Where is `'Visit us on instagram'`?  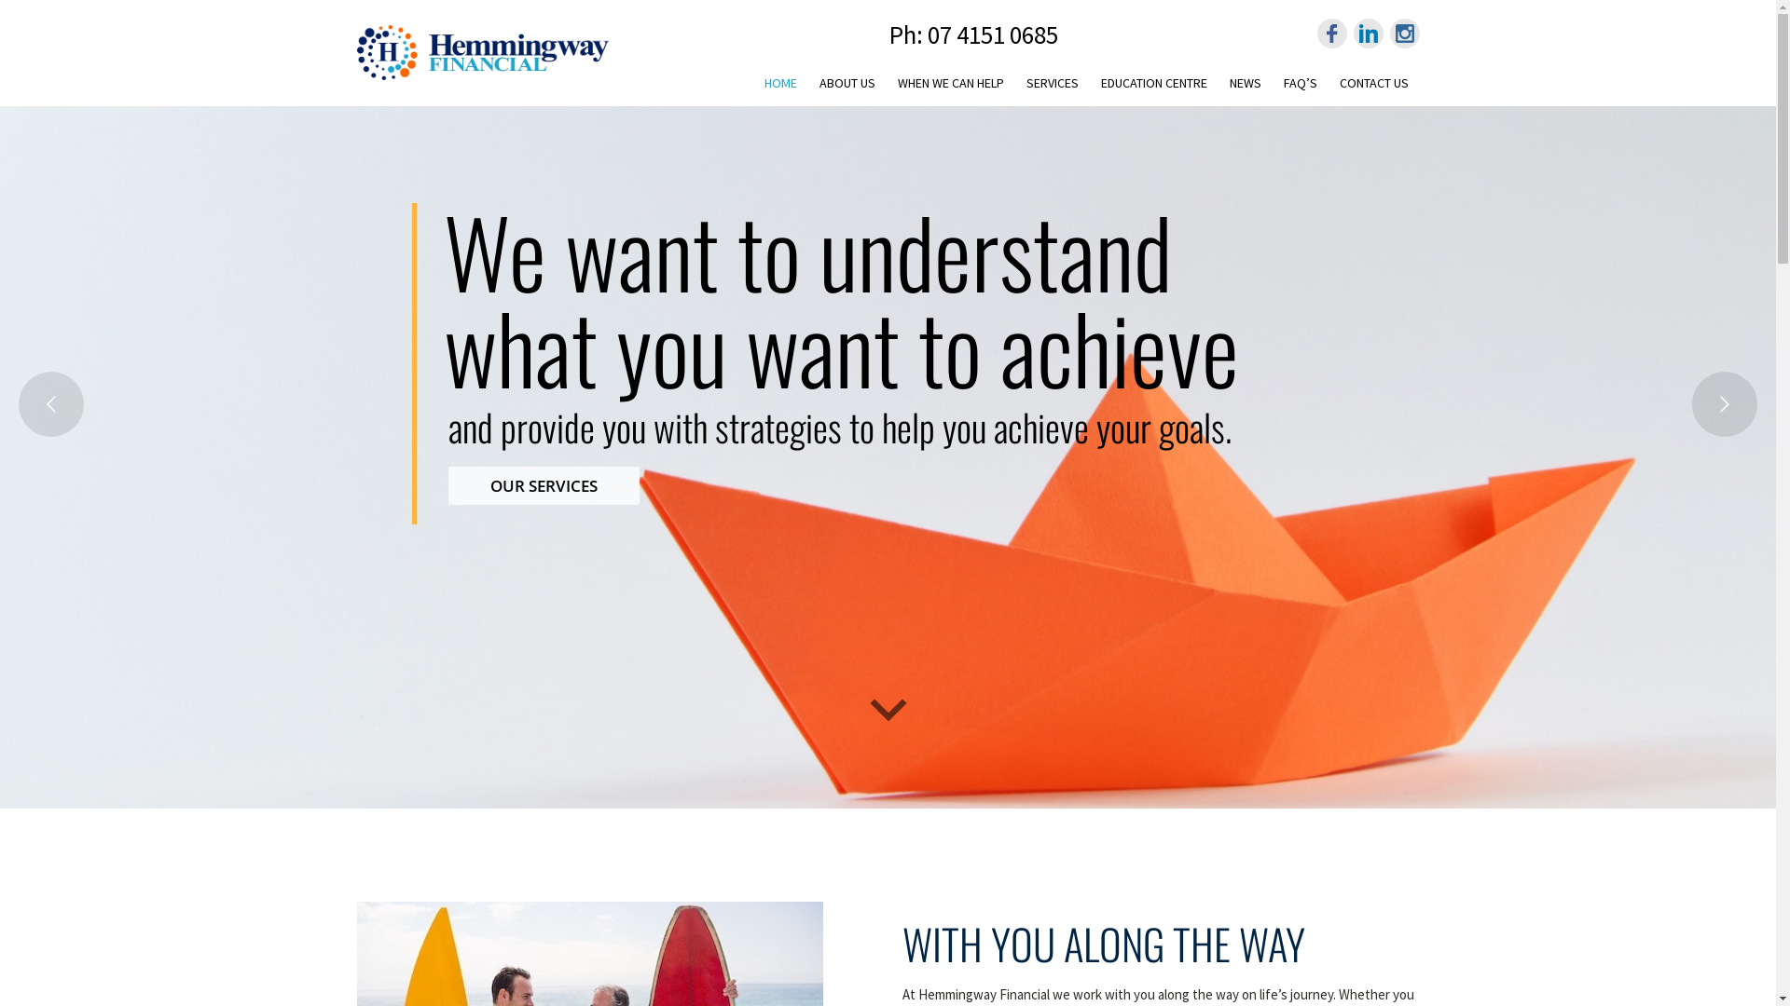 'Visit us on instagram' is located at coordinates (1404, 33).